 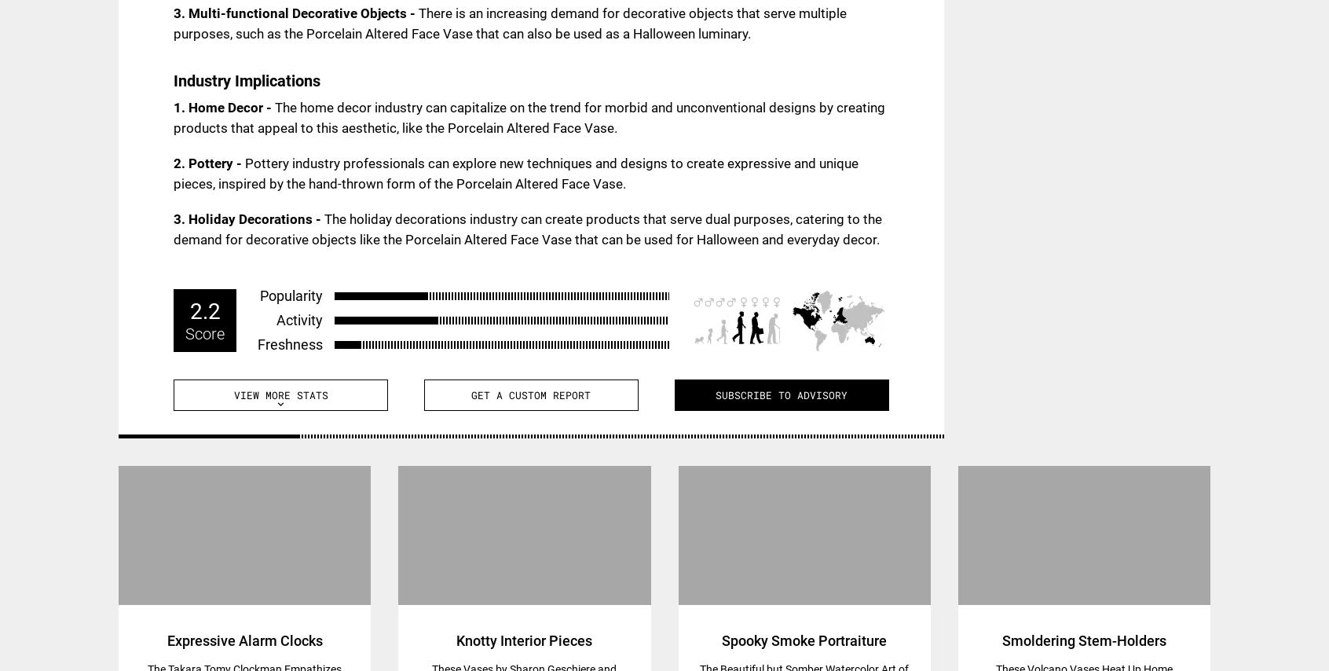 What do you see at coordinates (257, 343) in the screenshot?
I see `'Freshness'` at bounding box center [257, 343].